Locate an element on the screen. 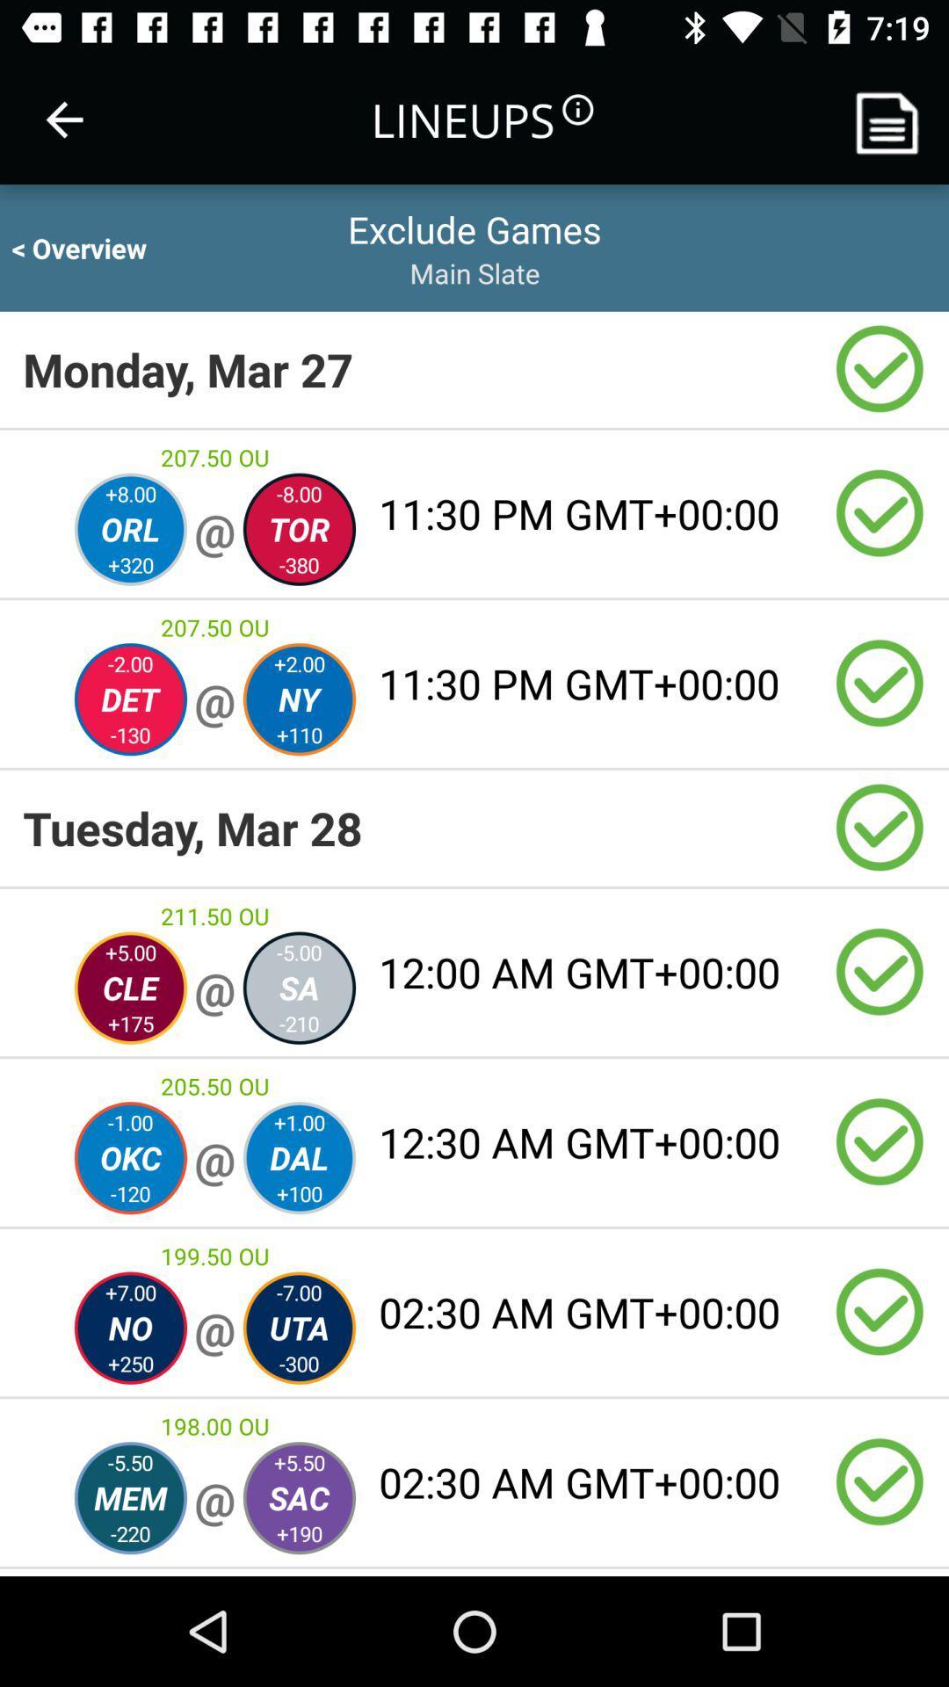  the right circle which is below the 19950 ou is located at coordinates (298, 1329).